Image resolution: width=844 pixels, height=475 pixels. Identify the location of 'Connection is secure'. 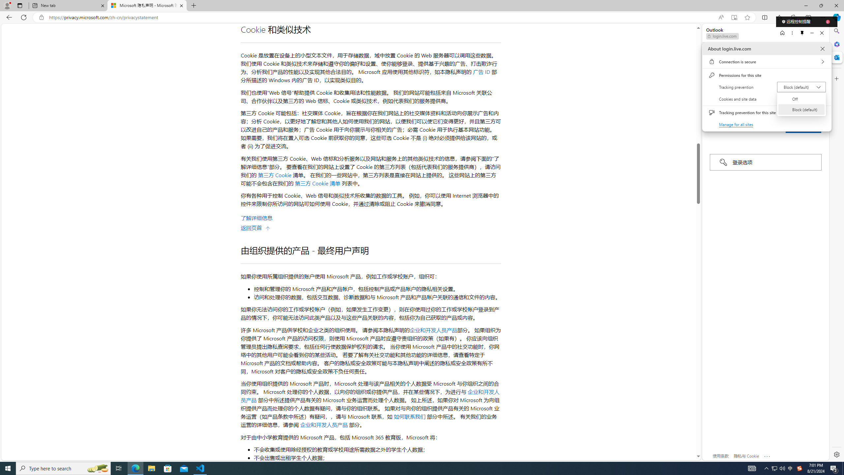
(766, 61).